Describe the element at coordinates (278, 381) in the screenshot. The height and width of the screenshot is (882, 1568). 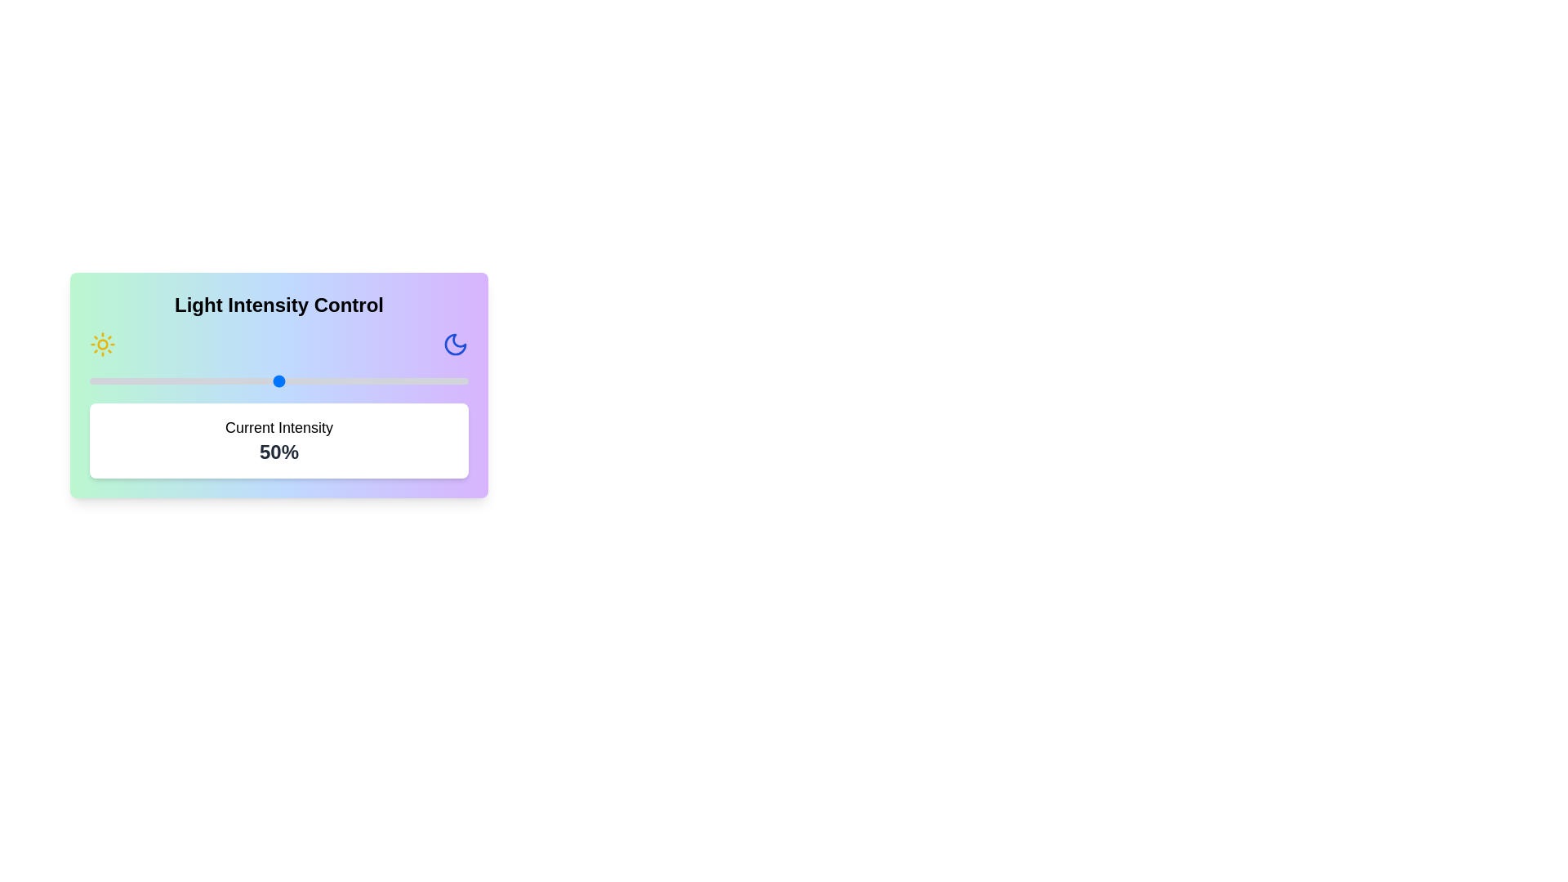
I see `the Range slider used for adjusting light intensity, which is positioned between the title 'Light Intensity Control' and the label 'Current Intensity 50%'` at that location.